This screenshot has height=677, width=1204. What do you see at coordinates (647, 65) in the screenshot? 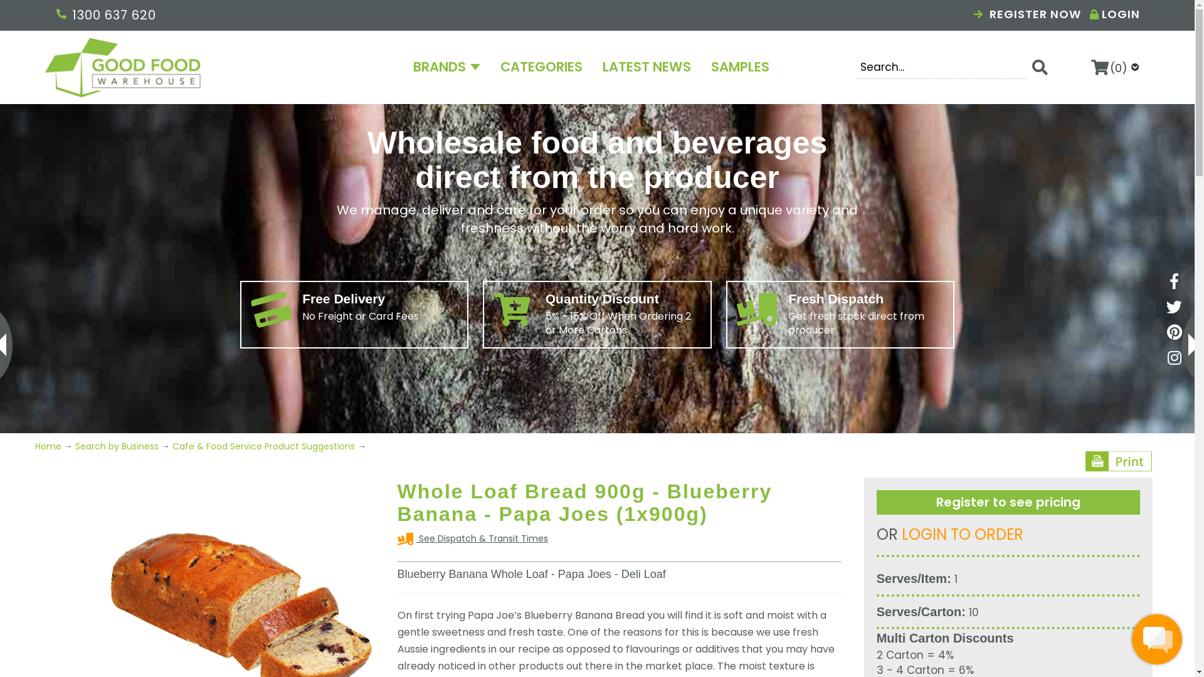
I see `'LATEST NEWS'` at bounding box center [647, 65].